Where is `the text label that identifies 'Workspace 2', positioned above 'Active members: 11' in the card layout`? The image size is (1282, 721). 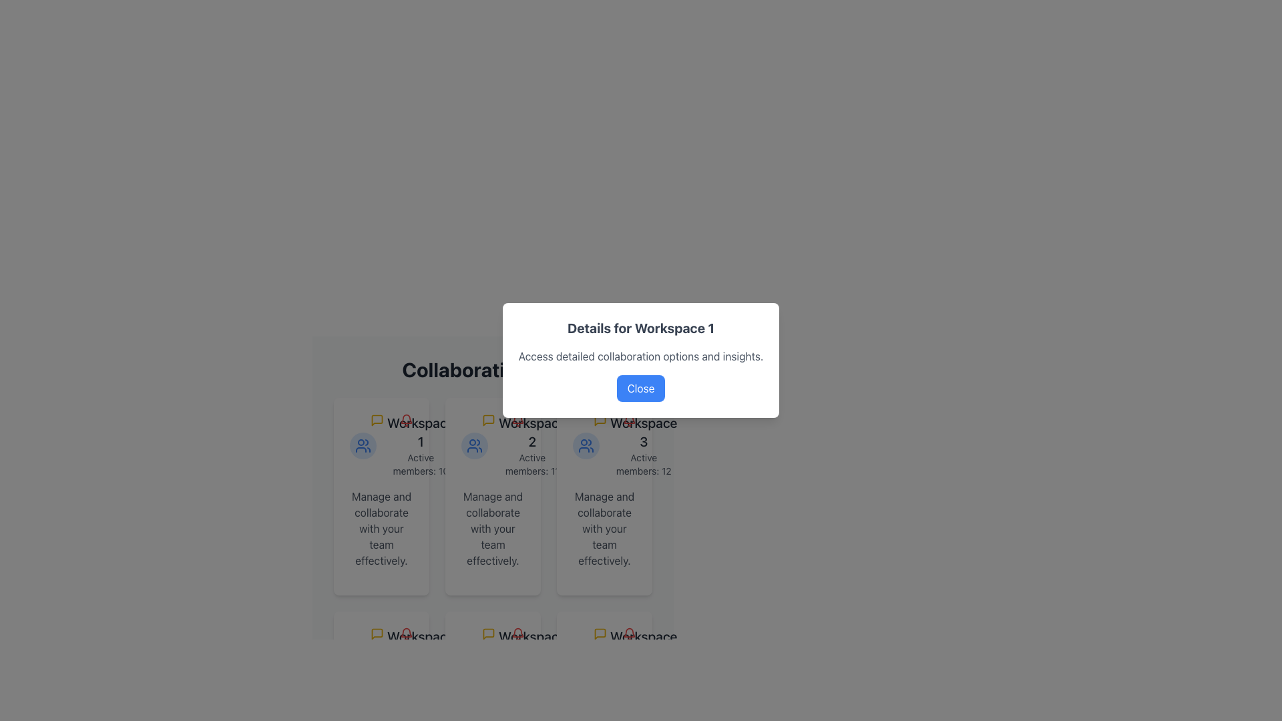 the text label that identifies 'Workspace 2', positioned above 'Active members: 11' in the card layout is located at coordinates (531, 433).